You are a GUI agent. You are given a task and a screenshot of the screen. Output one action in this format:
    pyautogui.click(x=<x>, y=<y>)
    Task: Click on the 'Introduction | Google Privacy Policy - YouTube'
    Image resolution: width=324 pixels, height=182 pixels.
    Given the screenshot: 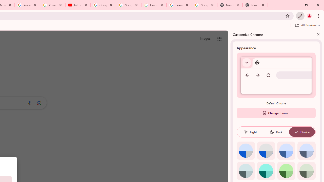 What is the action you would take?
    pyautogui.click(x=78, y=5)
    